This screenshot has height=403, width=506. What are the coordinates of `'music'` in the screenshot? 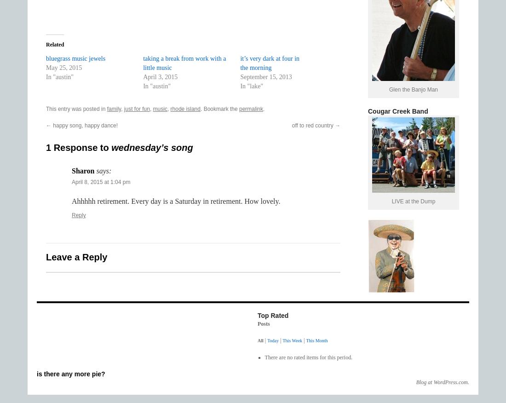 It's located at (160, 108).